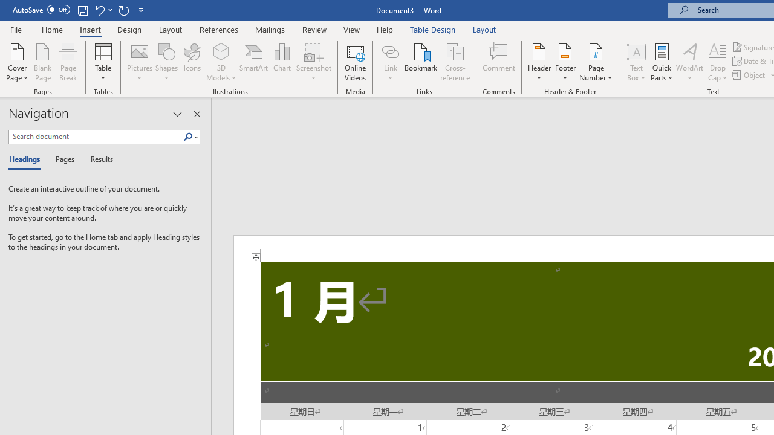 The height and width of the screenshot is (435, 774). Describe the element at coordinates (17, 62) in the screenshot. I see `'Cover Page'` at that location.